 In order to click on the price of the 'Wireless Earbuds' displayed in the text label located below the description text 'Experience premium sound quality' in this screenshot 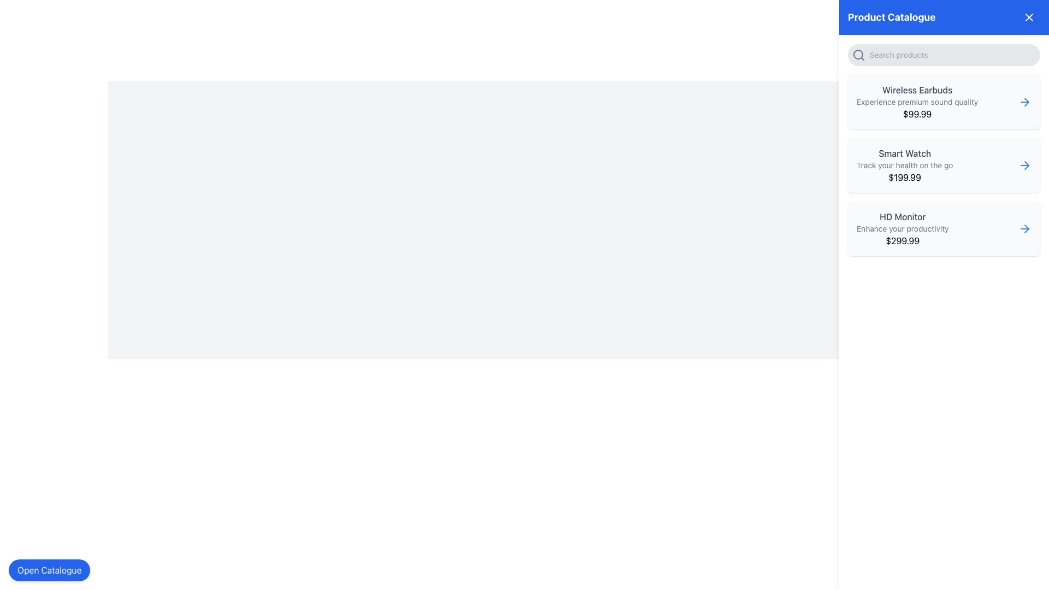, I will do `click(917, 114)`.